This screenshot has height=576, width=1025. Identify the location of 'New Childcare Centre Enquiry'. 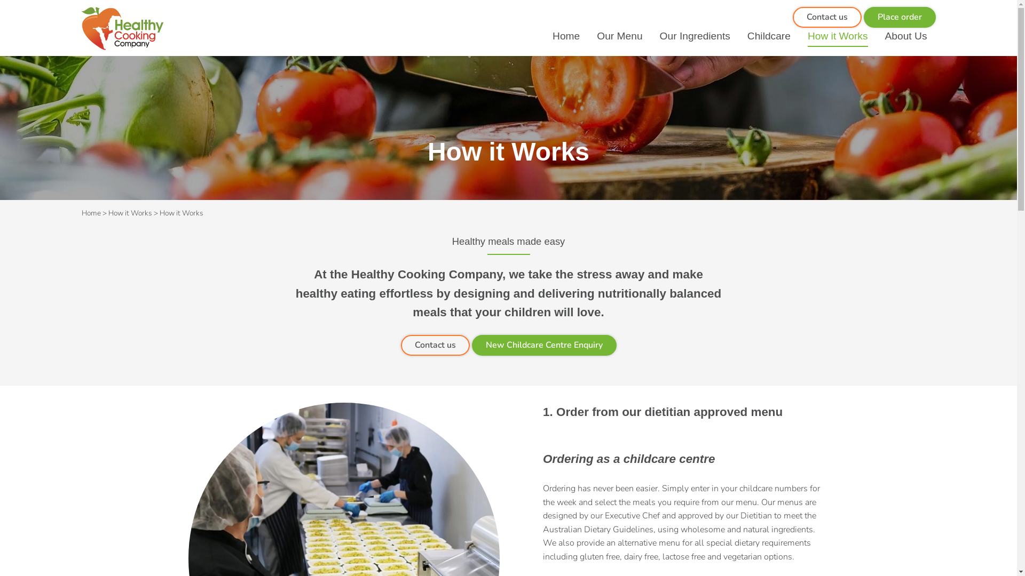
(471, 345).